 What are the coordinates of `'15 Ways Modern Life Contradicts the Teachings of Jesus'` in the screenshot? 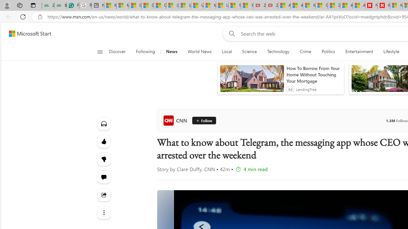 It's located at (247, 5).